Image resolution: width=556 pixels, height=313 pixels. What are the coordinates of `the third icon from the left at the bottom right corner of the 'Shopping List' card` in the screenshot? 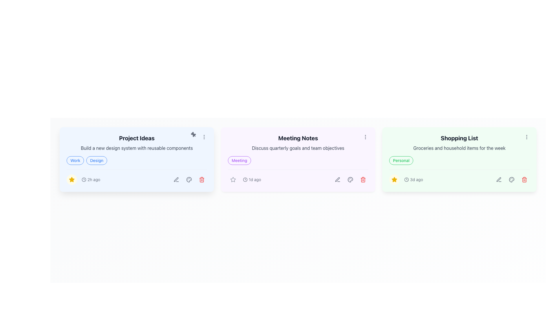 It's located at (511, 179).